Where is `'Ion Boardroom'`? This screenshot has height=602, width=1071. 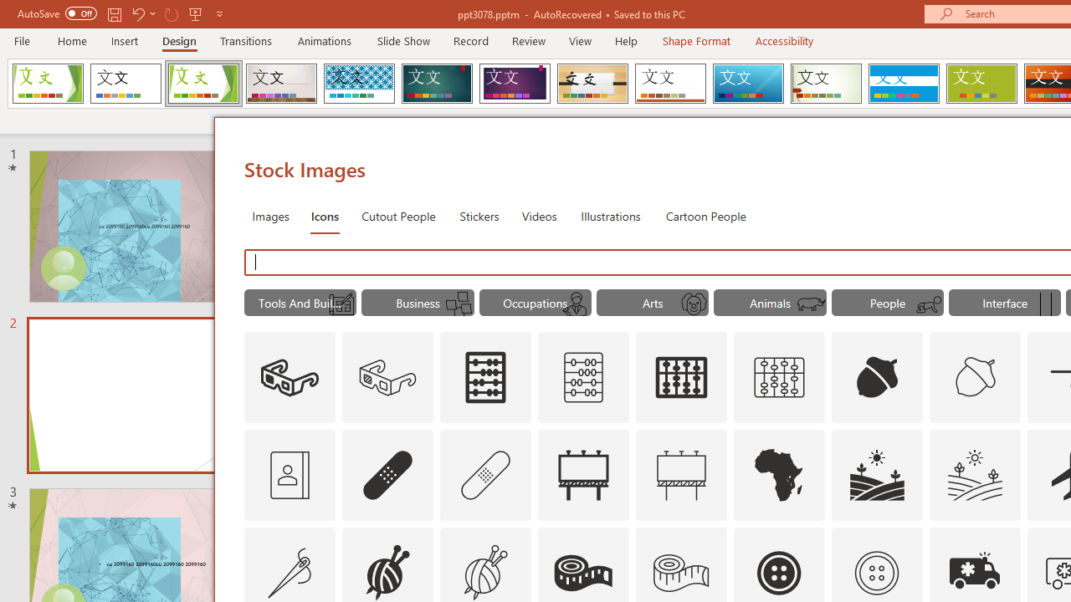 'Ion Boardroom' is located at coordinates (514, 84).